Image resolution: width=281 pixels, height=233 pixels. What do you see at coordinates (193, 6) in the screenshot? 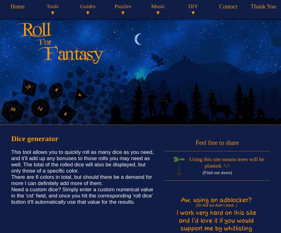
I see `'DIY'` at bounding box center [193, 6].